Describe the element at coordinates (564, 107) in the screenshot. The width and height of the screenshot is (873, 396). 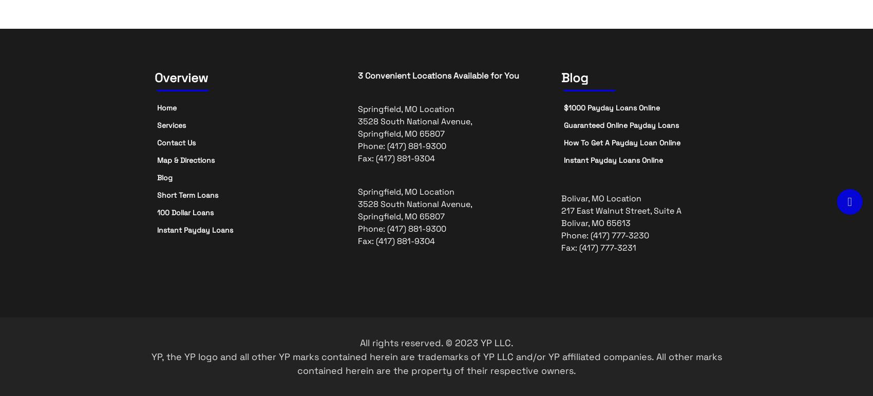
I see `'$1000 Payday Loans Online'` at that location.